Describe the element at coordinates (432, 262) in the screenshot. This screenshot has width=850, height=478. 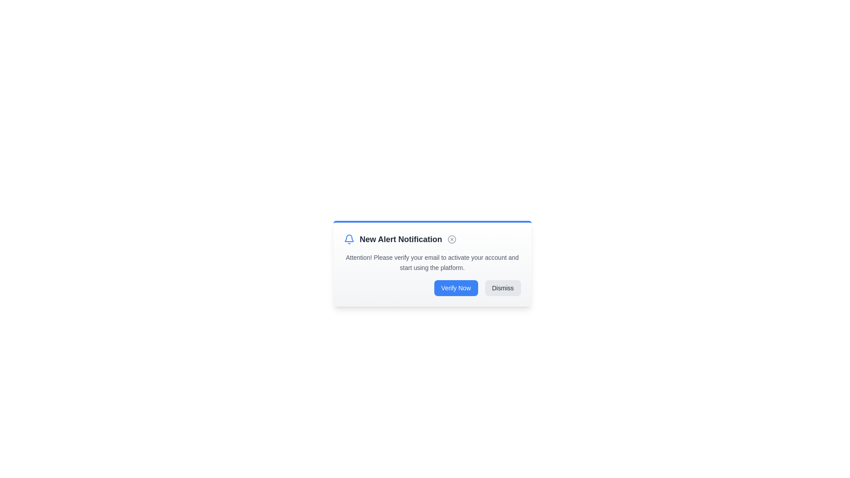
I see `the text element that informs the user to verify their email address, which is located below the heading 'New Alert Notification' and above the buttons 'Verify Now' and 'Dismiss'` at that location.